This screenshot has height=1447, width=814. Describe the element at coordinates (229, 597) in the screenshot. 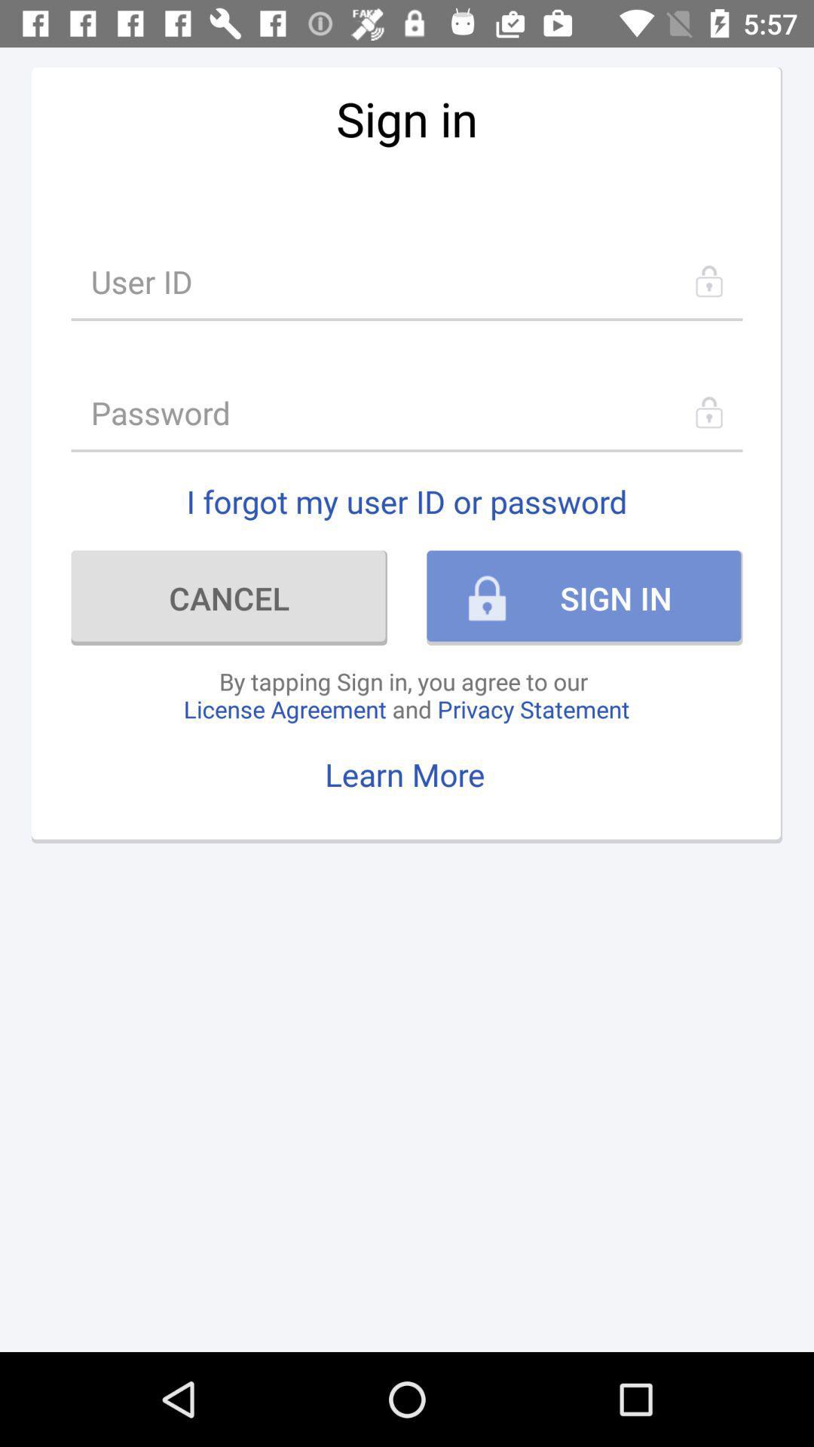

I see `the icon next to sign in icon` at that location.